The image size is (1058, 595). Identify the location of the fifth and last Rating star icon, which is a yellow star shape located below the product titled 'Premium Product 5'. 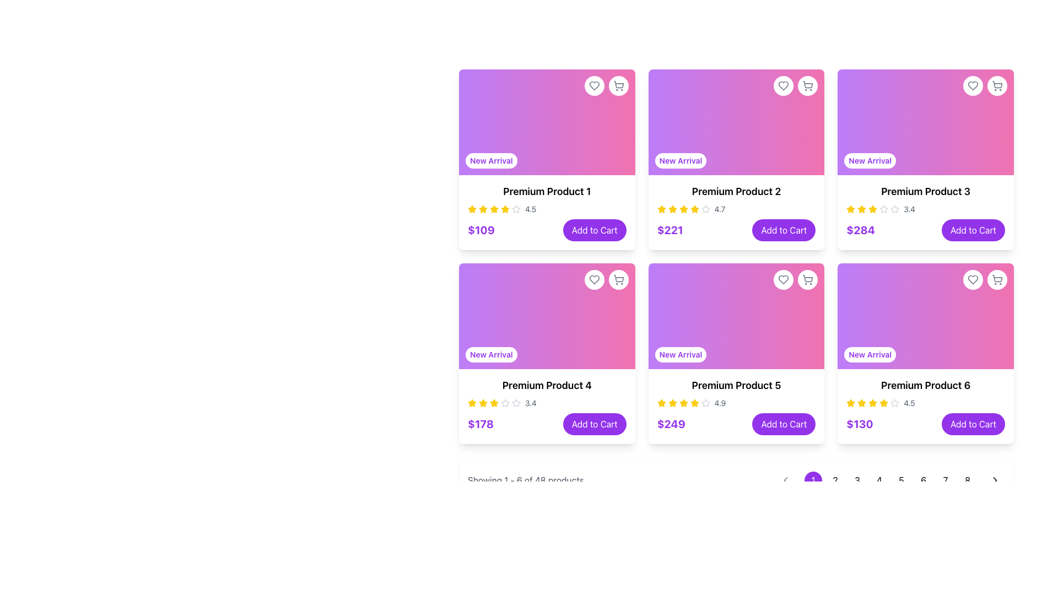
(672, 403).